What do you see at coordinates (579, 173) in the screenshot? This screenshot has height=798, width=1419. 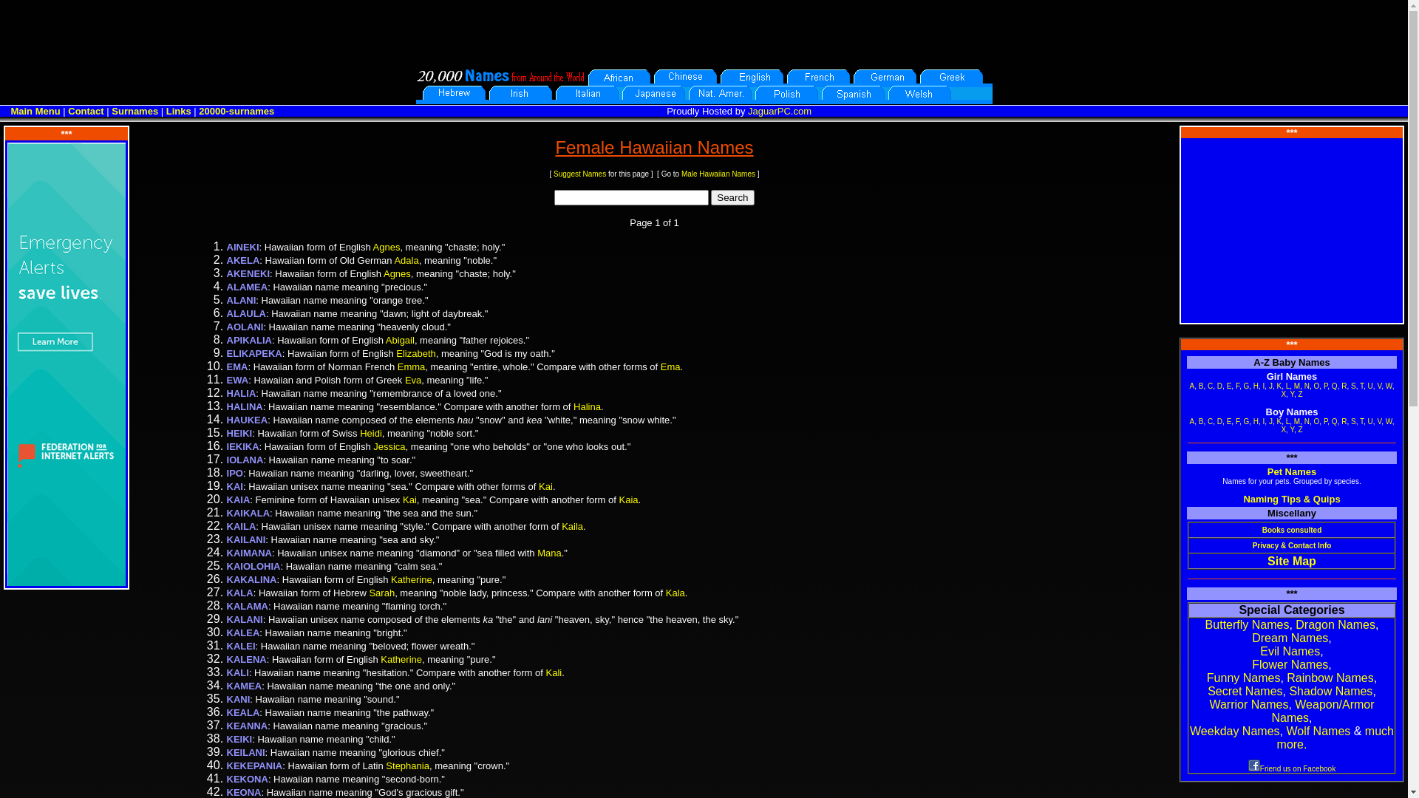 I see `'Suggest Names'` at bounding box center [579, 173].